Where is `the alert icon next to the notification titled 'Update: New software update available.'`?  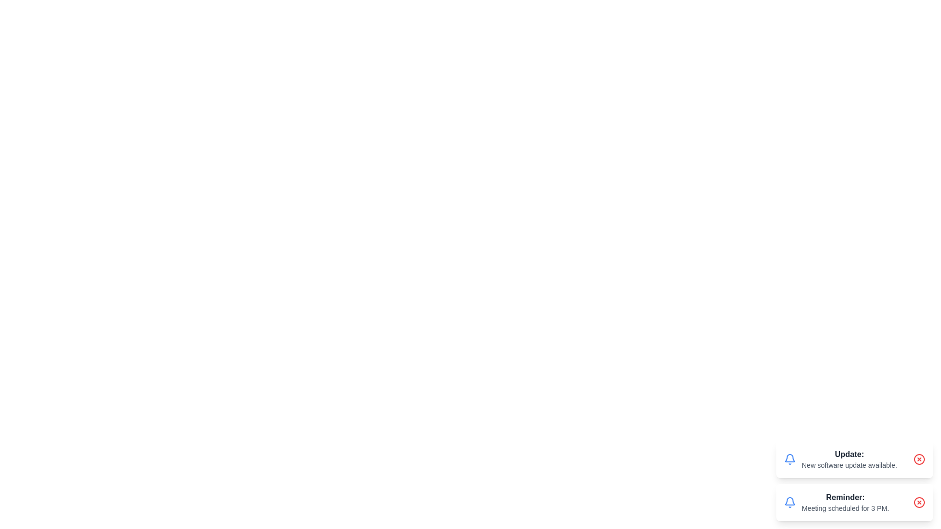
the alert icon next to the notification titled 'Update: New software update available.' is located at coordinates (790, 459).